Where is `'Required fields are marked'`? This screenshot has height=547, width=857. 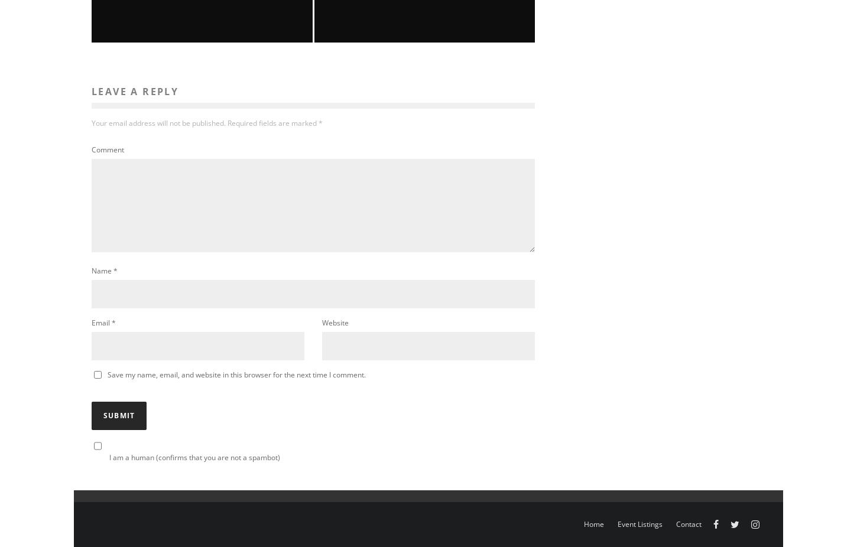
'Required fields are marked' is located at coordinates (271, 122).